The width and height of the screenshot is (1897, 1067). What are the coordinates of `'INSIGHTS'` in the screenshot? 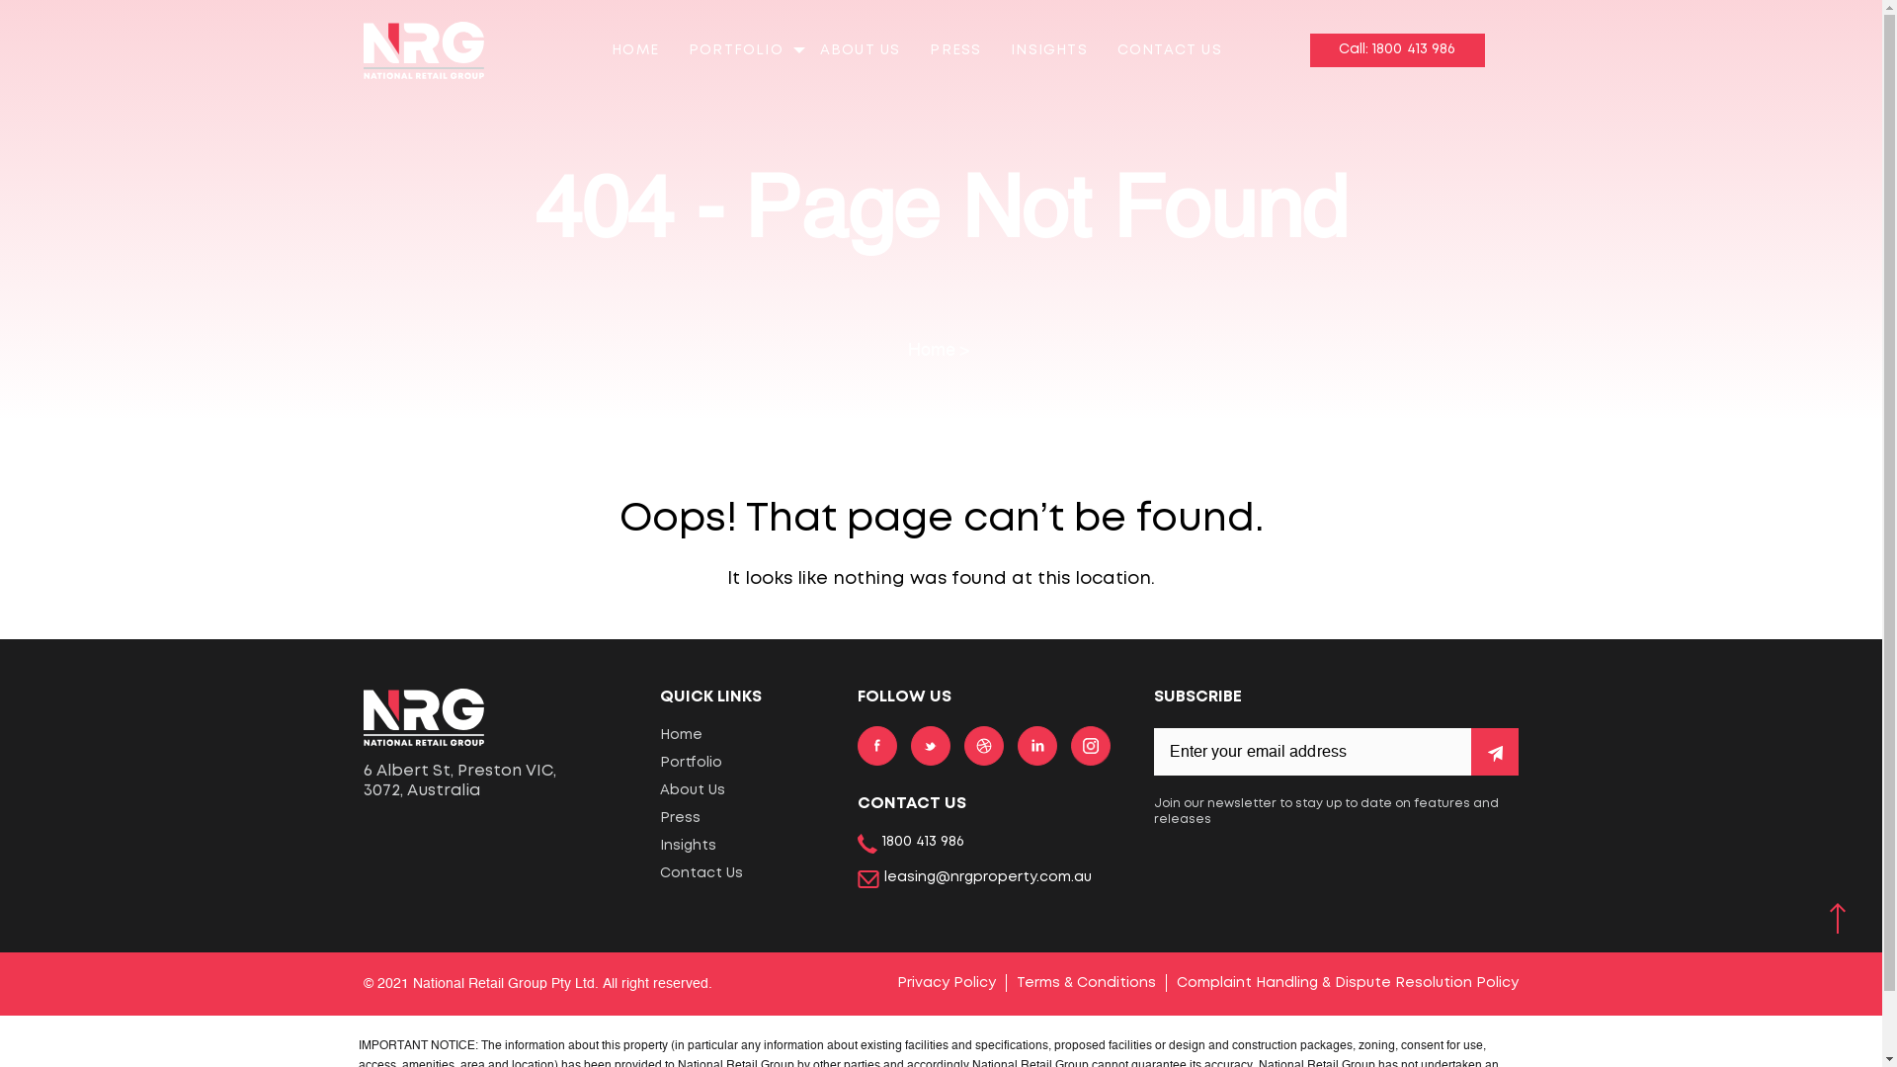 It's located at (1047, 48).